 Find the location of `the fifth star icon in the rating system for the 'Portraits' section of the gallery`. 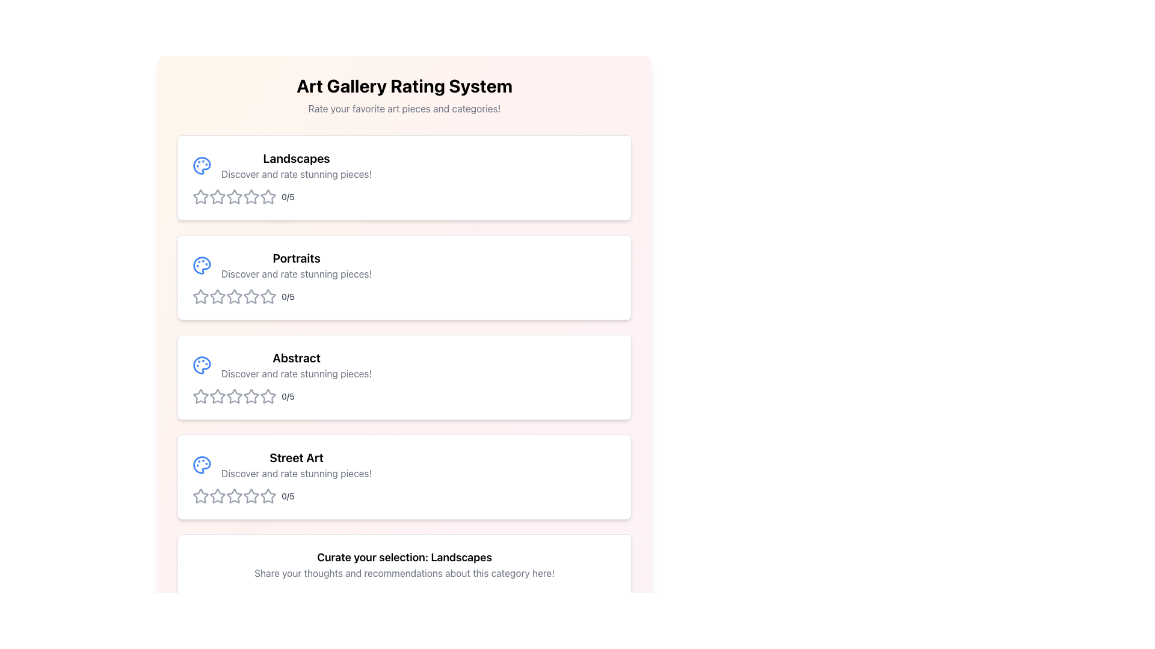

the fifth star icon in the rating system for the 'Portraits' section of the gallery is located at coordinates (250, 296).